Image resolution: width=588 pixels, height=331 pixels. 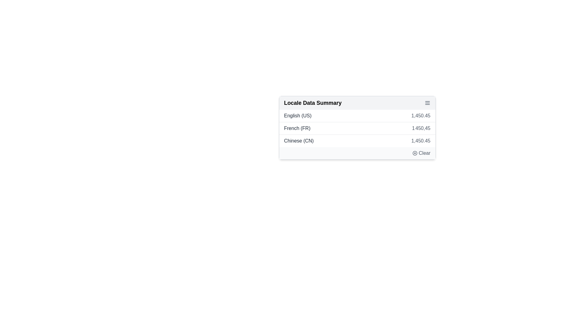 I want to click on the numeric value '1,450.45' displayed in gray, which is located to the right of the 'French (FR)' label in the 'Locale Data Summary' table, so click(x=421, y=128).